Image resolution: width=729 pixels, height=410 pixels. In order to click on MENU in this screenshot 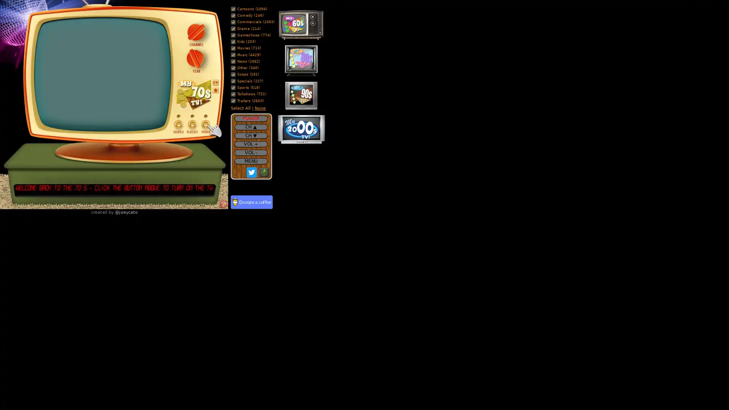, I will do `click(251, 161)`.